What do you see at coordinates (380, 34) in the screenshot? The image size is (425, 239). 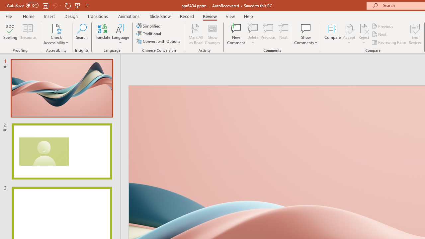 I see `'Next'` at bounding box center [380, 34].